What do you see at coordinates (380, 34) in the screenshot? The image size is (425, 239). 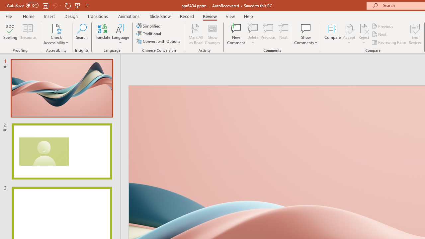 I see `'Next'` at bounding box center [380, 34].